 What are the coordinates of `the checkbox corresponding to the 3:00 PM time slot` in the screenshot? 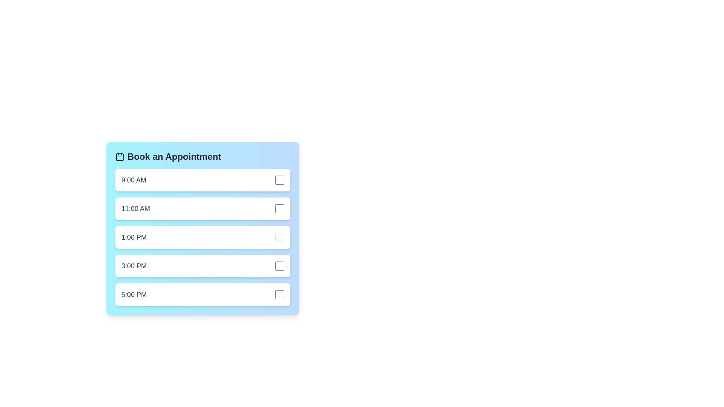 It's located at (279, 265).